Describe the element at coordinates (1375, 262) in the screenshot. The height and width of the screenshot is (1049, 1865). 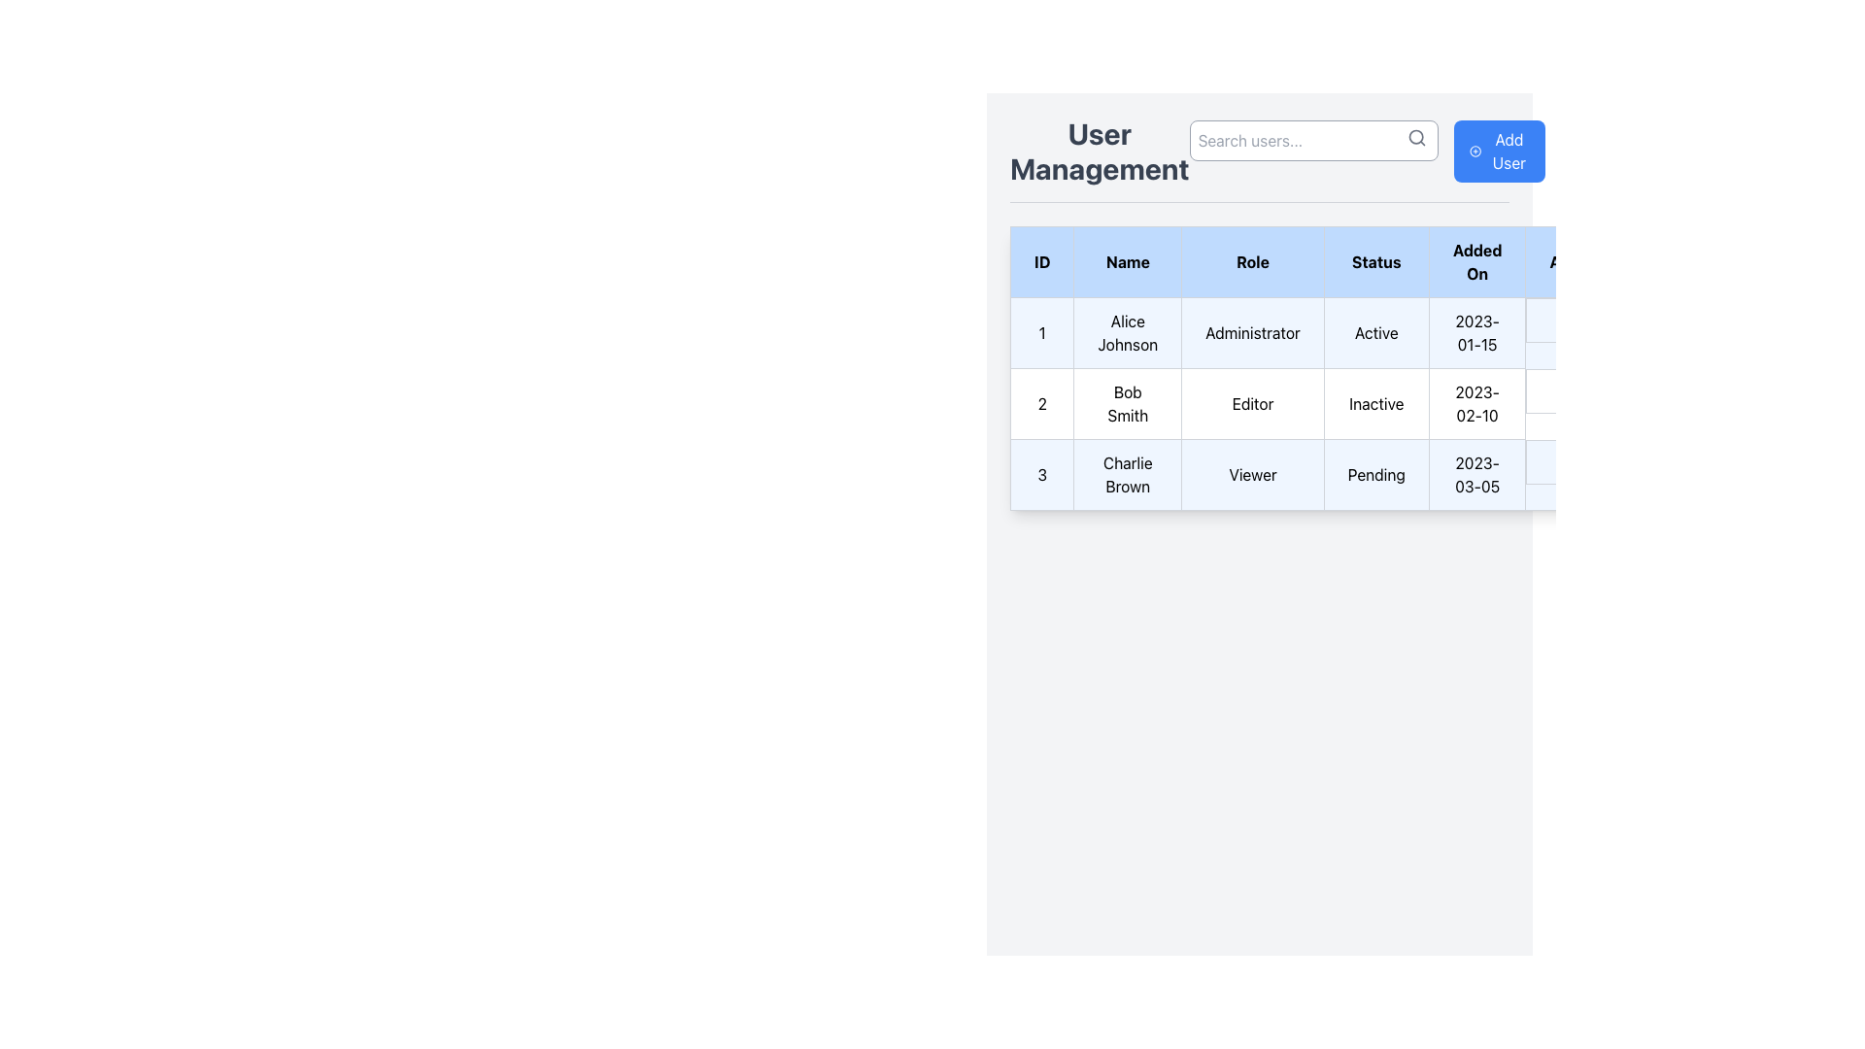
I see `the table header cell with the text 'Status', which is bold and centered, located between the 'Role' and 'Added On' columns` at that location.